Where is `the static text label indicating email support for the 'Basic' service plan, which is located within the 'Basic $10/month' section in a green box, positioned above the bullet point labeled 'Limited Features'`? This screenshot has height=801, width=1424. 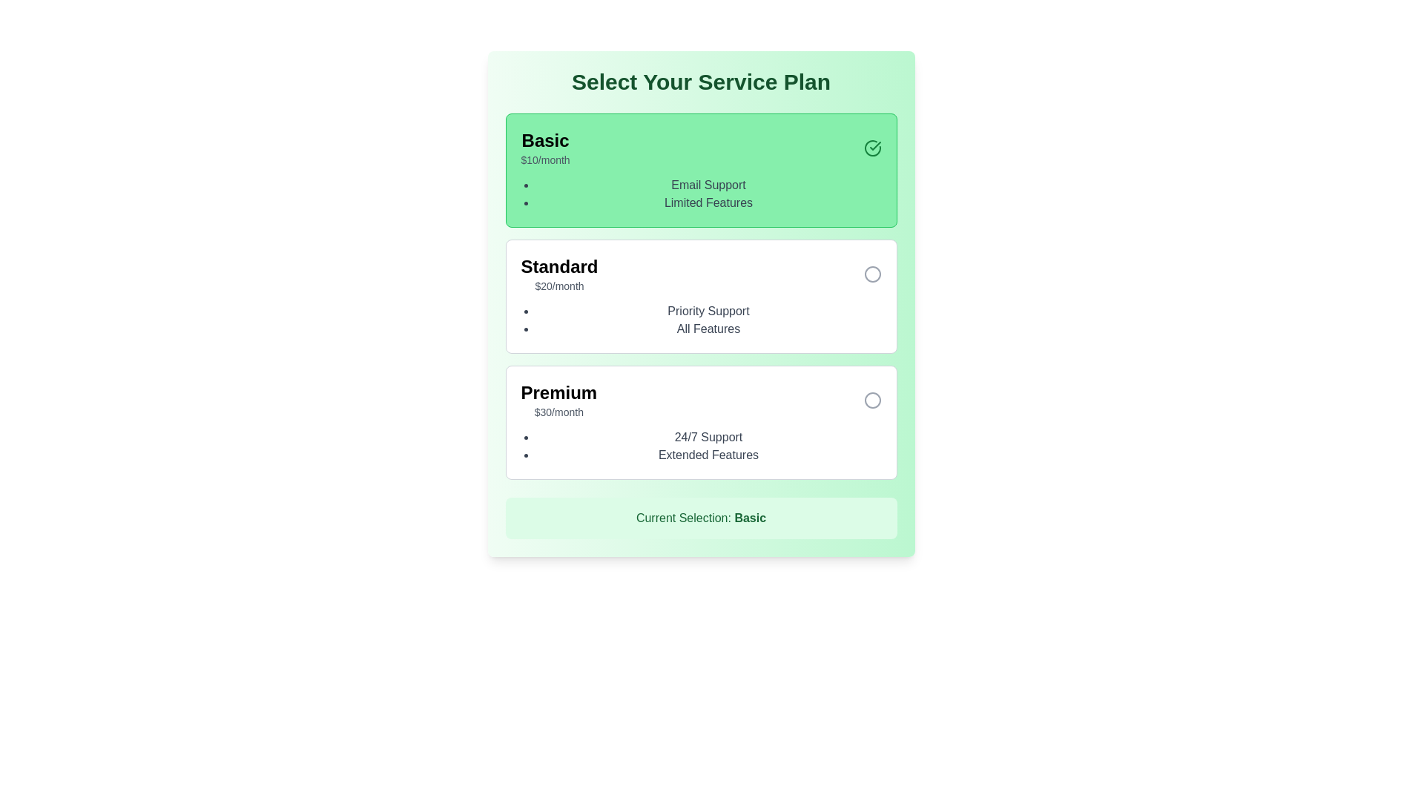 the static text label indicating email support for the 'Basic' service plan, which is located within the 'Basic $10/month' section in a green box, positioned above the bullet point labeled 'Limited Features' is located at coordinates (708, 185).